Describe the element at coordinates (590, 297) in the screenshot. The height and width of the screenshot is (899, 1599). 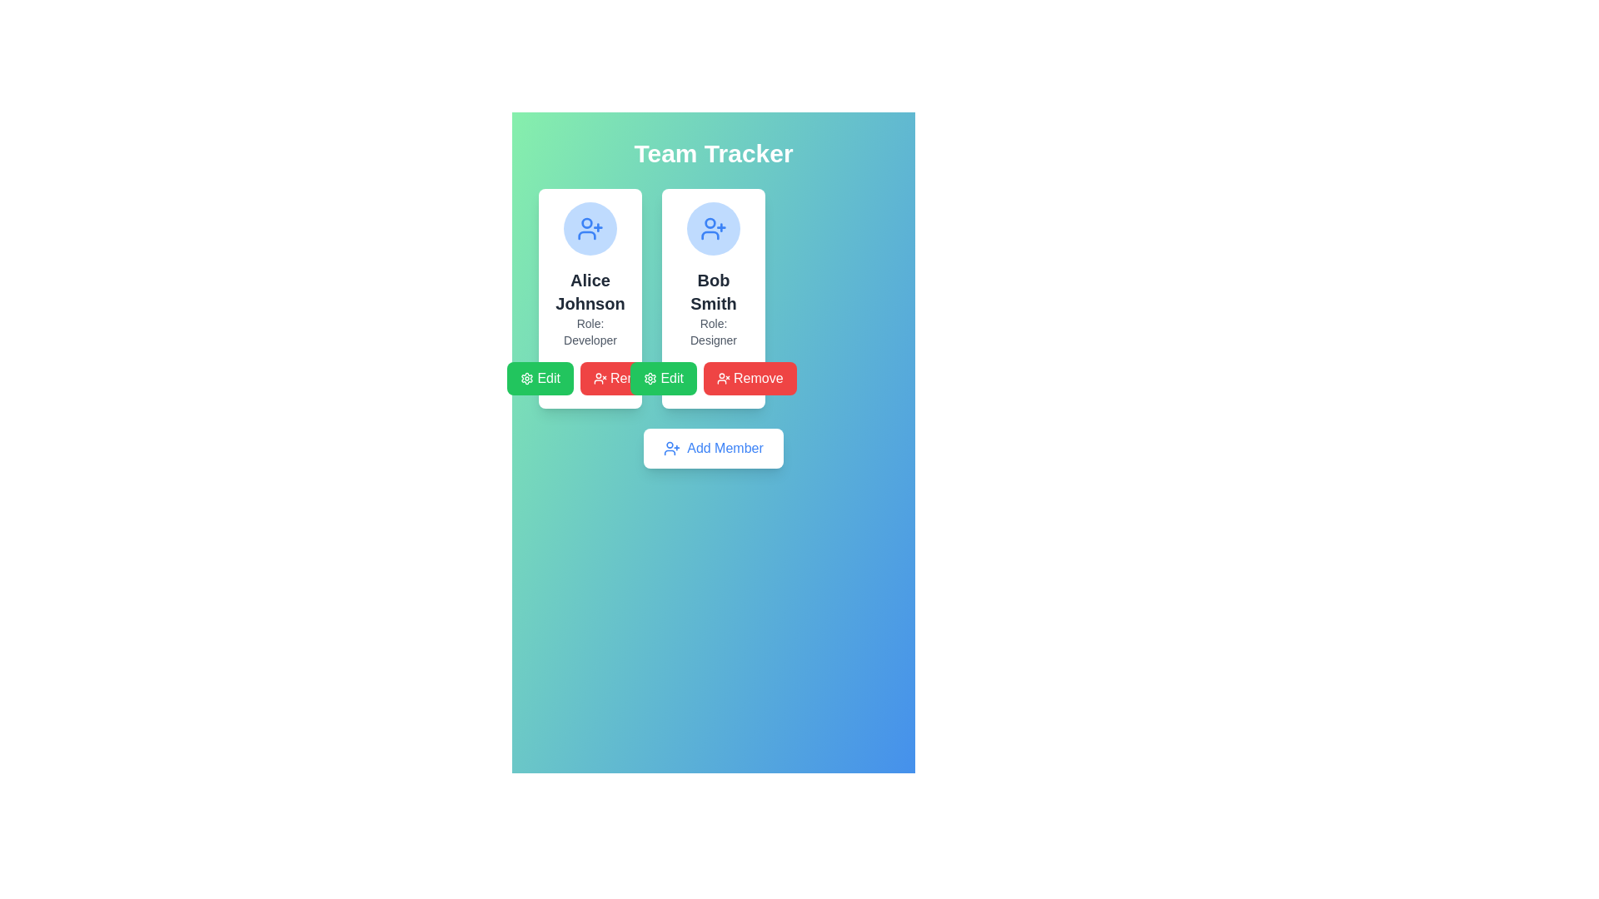
I see `the Profile card for 'Alice Johnson', which is the first card in a grid layout` at that location.